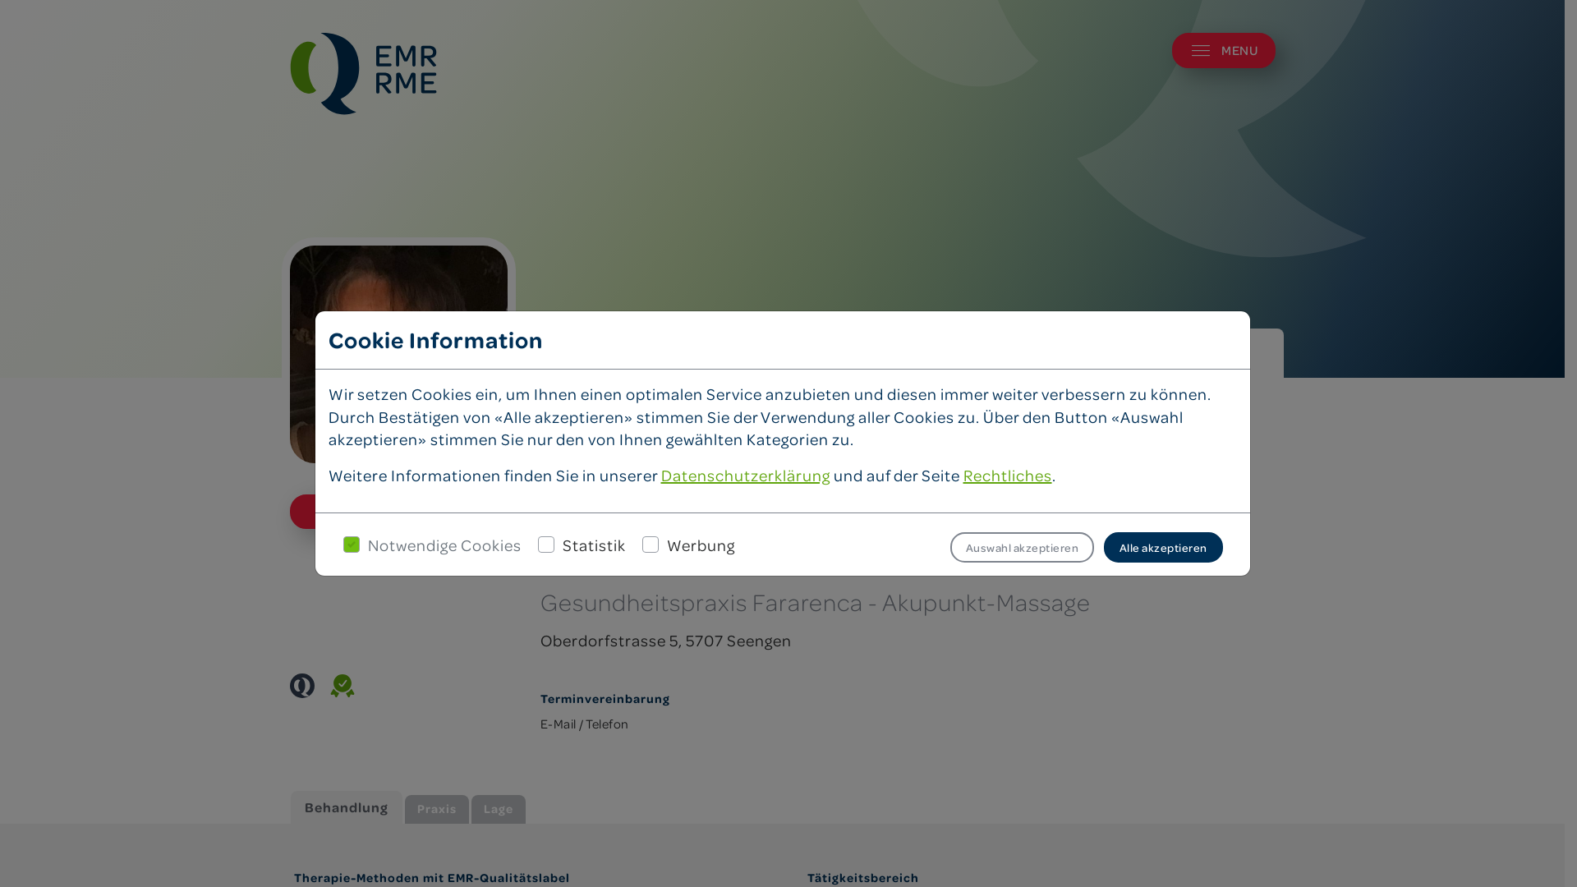  Describe the element at coordinates (1021, 547) in the screenshot. I see `'Auswahl akzeptieren'` at that location.